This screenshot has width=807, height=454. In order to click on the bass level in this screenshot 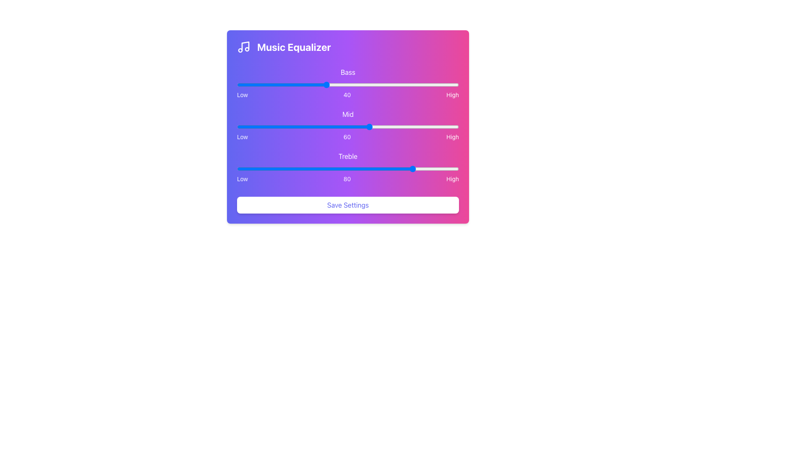, I will do `click(265, 84)`.